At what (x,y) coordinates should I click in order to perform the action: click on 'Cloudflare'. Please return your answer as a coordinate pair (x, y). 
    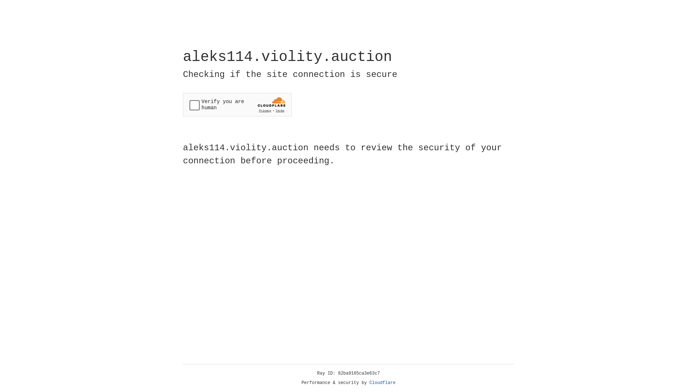
    Looking at the image, I should click on (382, 383).